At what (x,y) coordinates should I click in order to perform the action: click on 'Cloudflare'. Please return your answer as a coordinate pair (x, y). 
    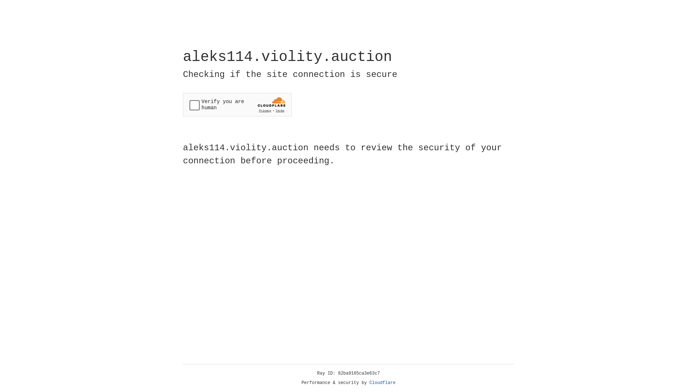
    Looking at the image, I should click on (382, 383).